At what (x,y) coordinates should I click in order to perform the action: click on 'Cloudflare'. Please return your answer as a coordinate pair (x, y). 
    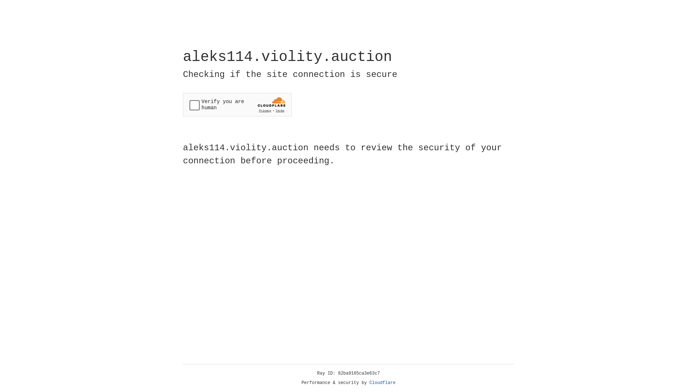
    Looking at the image, I should click on (382, 383).